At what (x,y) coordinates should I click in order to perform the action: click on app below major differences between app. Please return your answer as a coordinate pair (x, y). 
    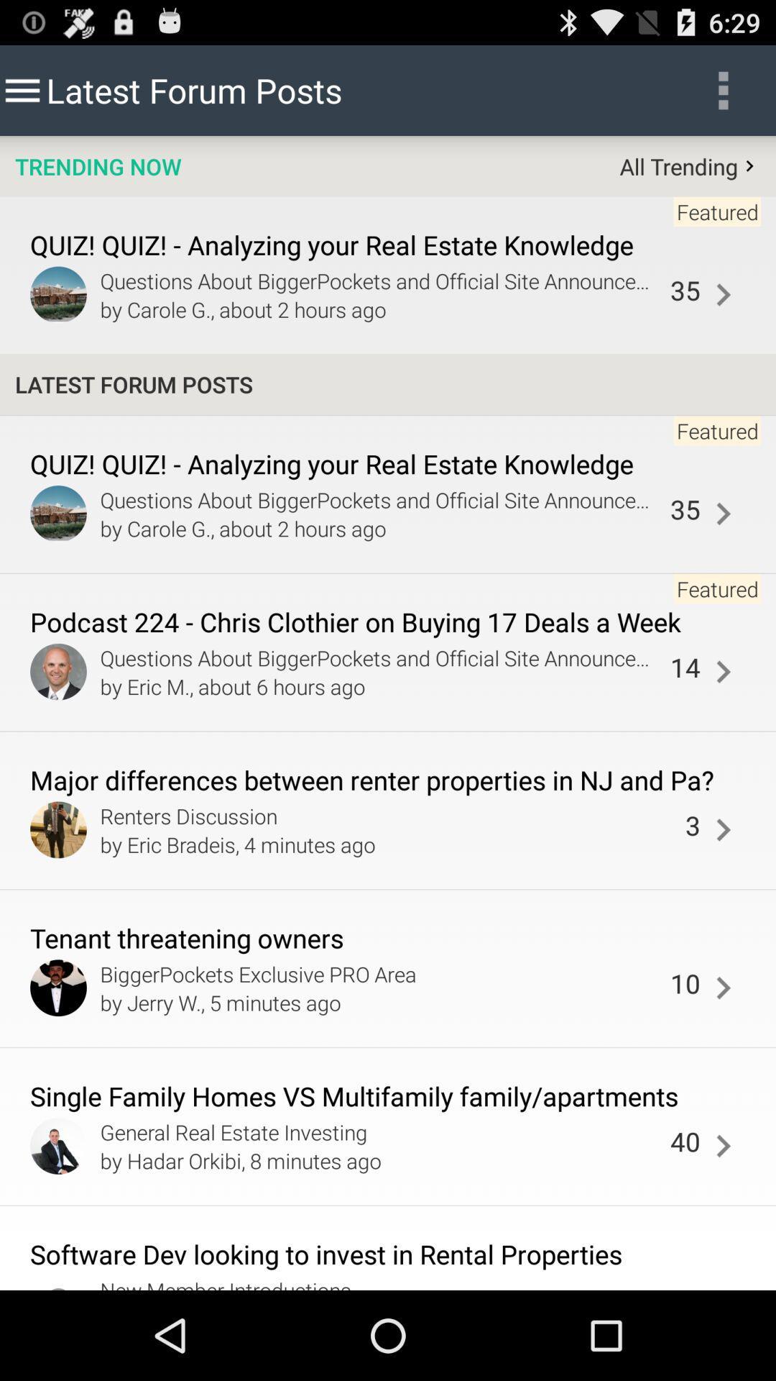
    Looking at the image, I should click on (389, 816).